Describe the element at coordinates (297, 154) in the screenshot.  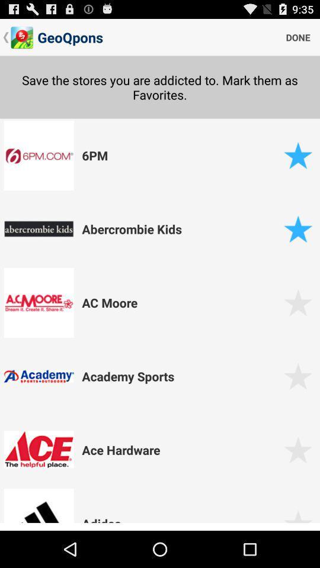
I see `favourite` at that location.